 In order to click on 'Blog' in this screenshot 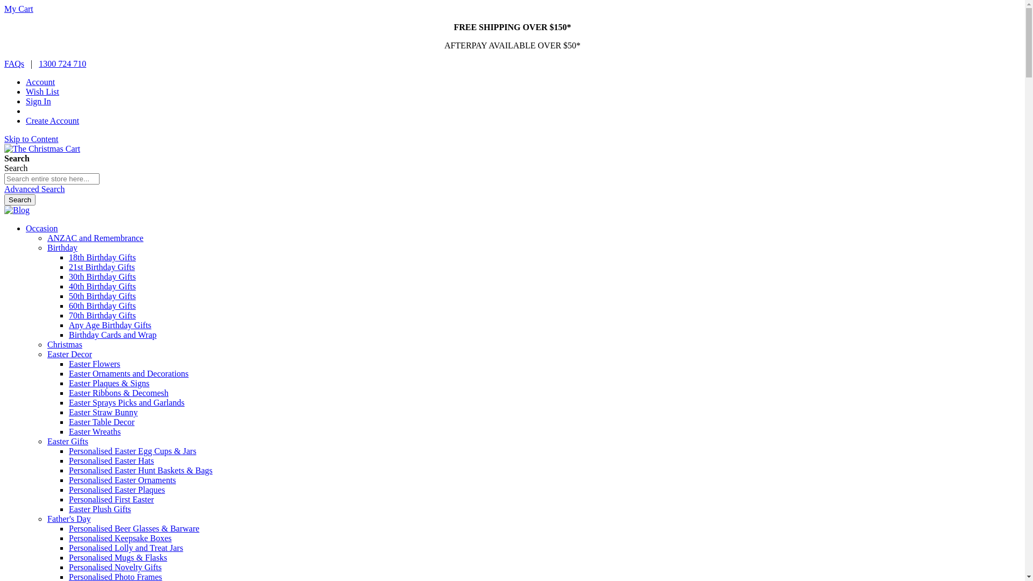, I will do `click(17, 210)`.